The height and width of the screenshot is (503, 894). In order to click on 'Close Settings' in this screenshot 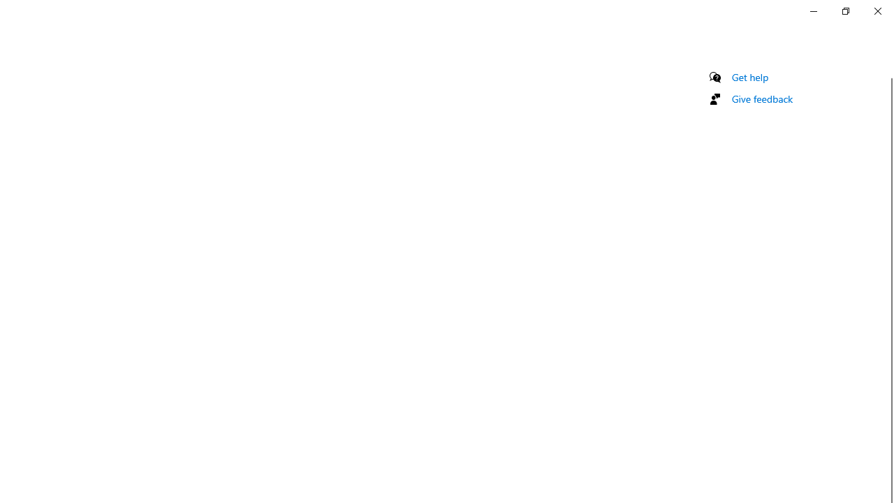, I will do `click(877, 10)`.